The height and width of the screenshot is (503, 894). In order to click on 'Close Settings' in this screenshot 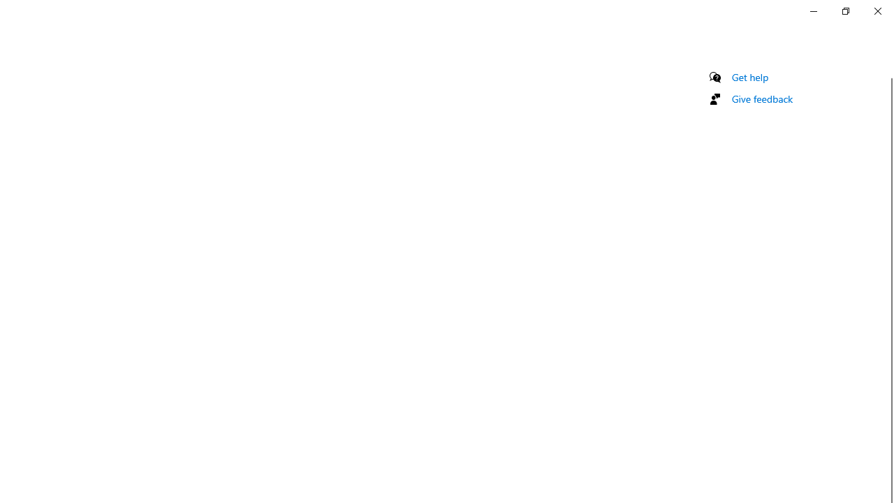, I will do `click(877, 10)`.